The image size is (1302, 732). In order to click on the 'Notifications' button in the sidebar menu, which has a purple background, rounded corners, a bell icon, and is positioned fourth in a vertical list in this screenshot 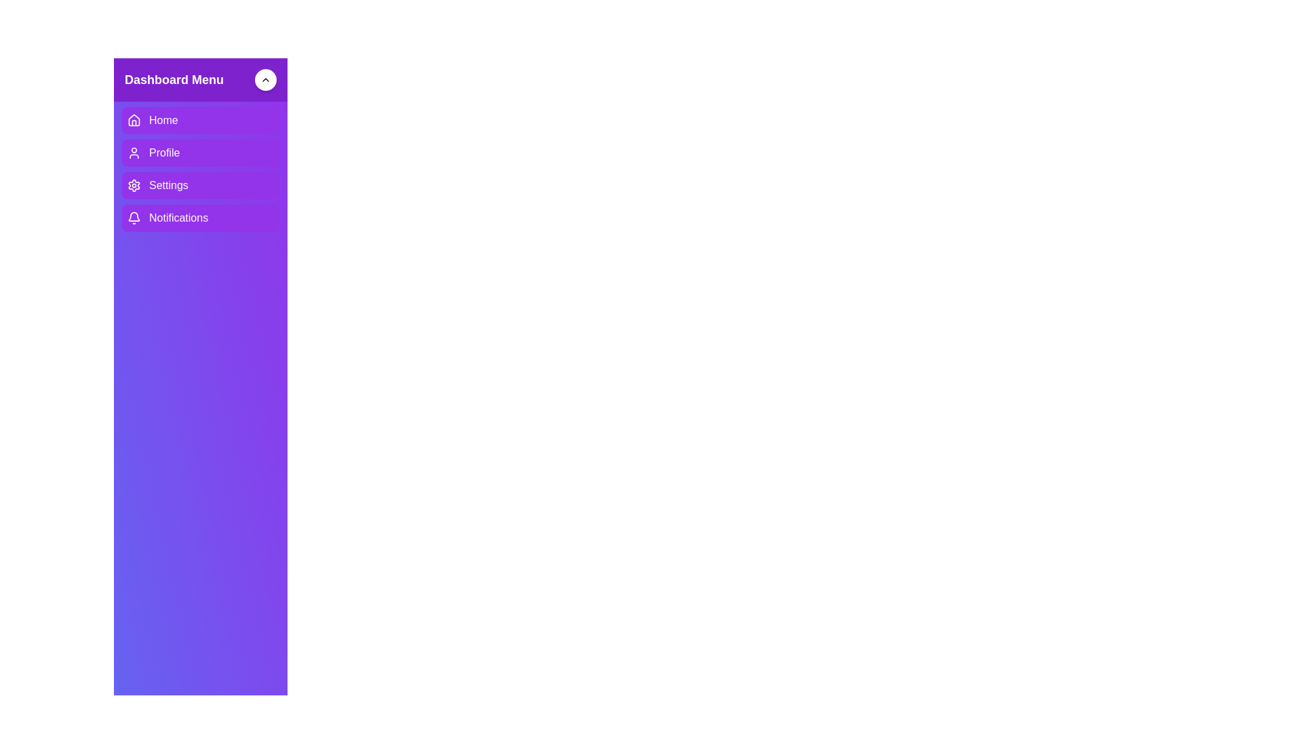, I will do `click(200, 217)`.